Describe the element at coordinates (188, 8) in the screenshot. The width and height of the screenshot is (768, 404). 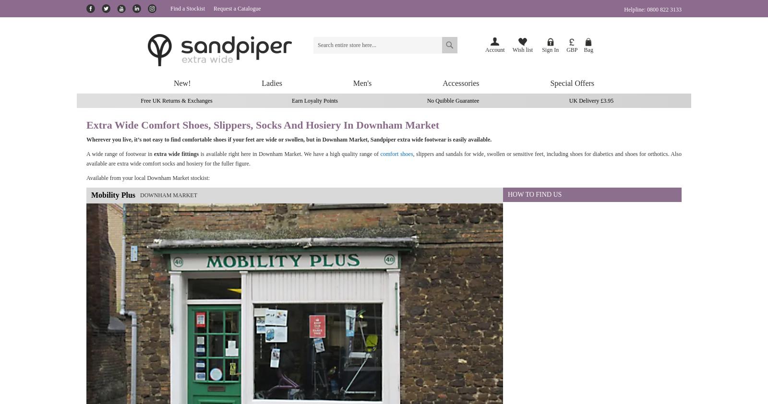
I see `'Find a Stockist'` at that location.